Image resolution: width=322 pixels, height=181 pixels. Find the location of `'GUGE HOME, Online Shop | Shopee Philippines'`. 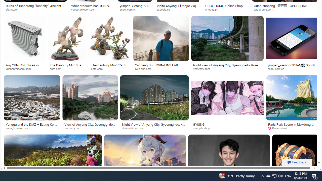

'GUGE HOME, Online Shop | Shopee Philippines' is located at coordinates (226, 8).